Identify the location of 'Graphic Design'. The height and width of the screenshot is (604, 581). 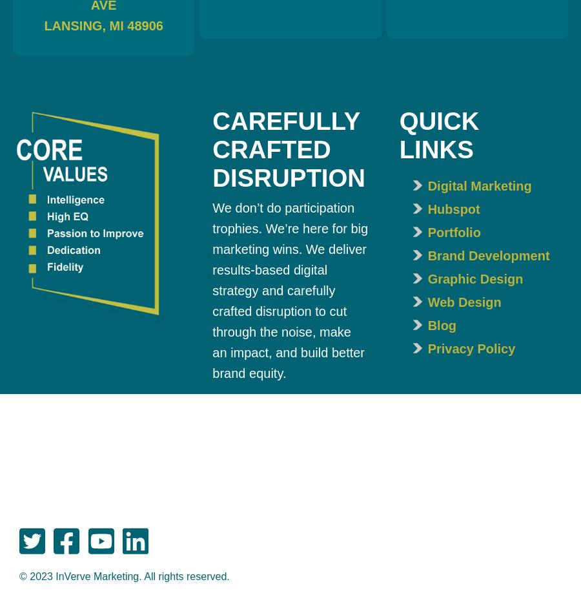
(474, 278).